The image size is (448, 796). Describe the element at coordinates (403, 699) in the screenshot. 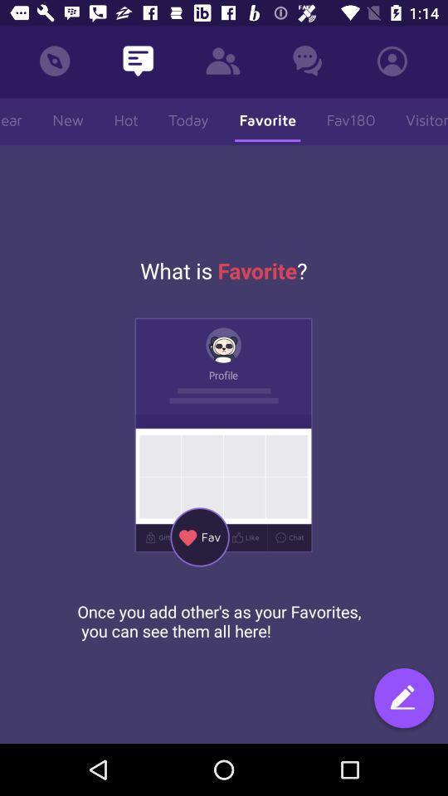

I see `type in` at that location.